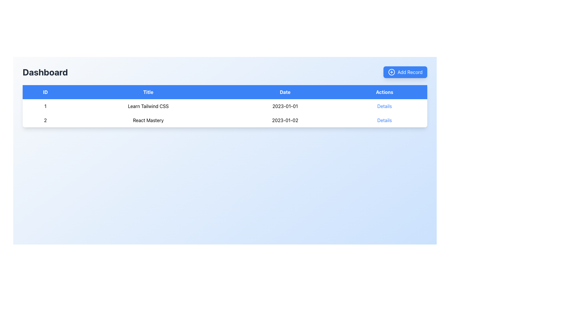 This screenshot has width=565, height=317. What do you see at coordinates (225, 120) in the screenshot?
I see `the second row of the table displaying lesson data, which includes the title 'React Mastery'` at bounding box center [225, 120].